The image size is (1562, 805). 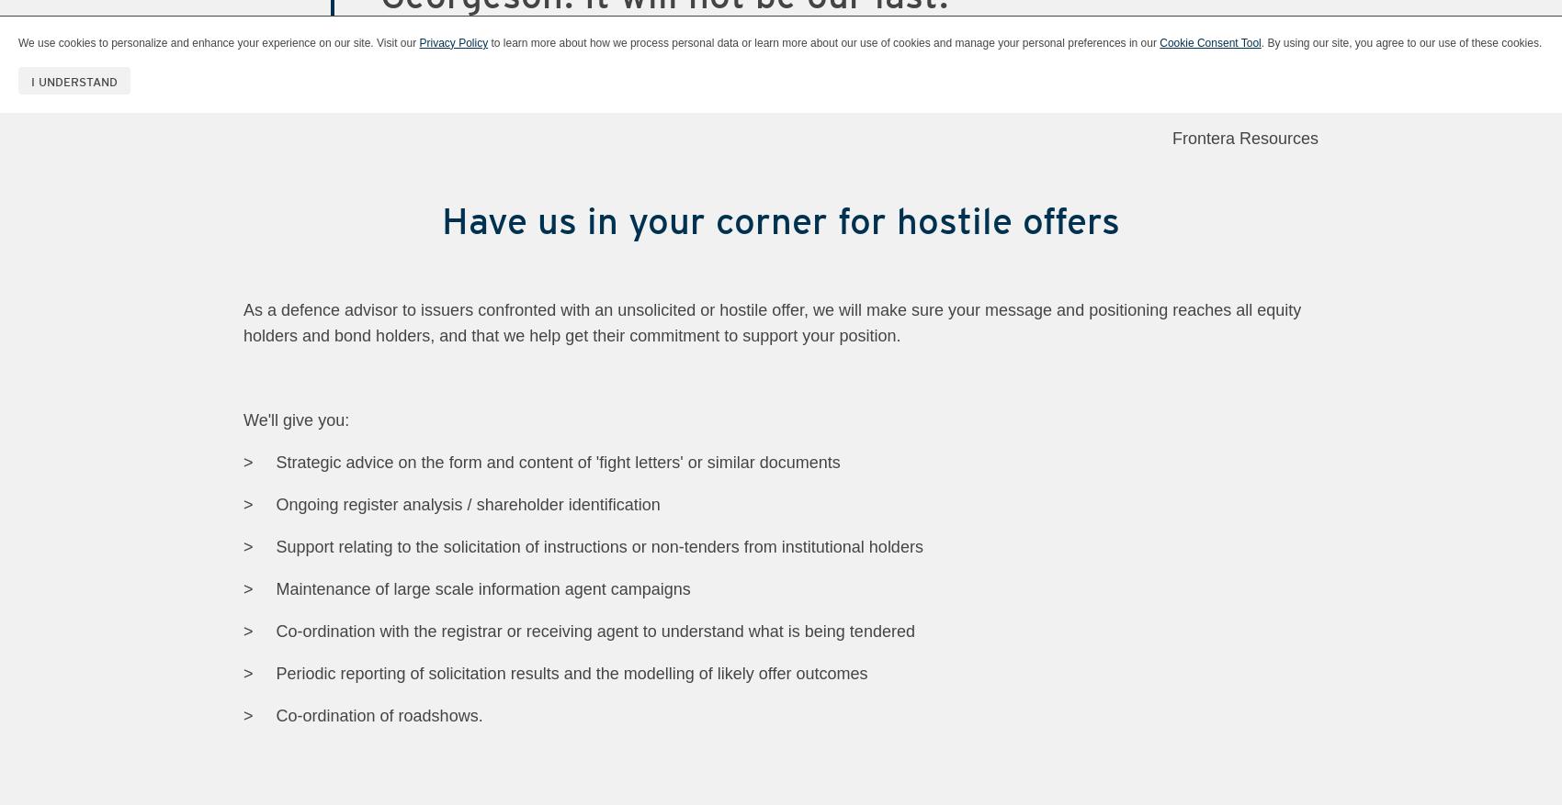 What do you see at coordinates (1261, 41) in the screenshot?
I see `'. By using our site, you agree to our use of these cookies.'` at bounding box center [1261, 41].